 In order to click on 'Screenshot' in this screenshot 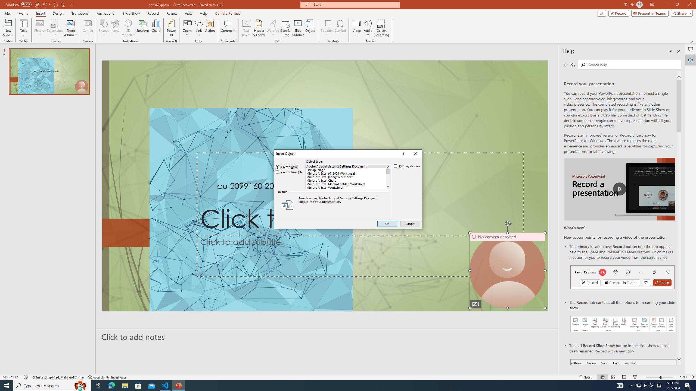, I will do `click(55, 28)`.